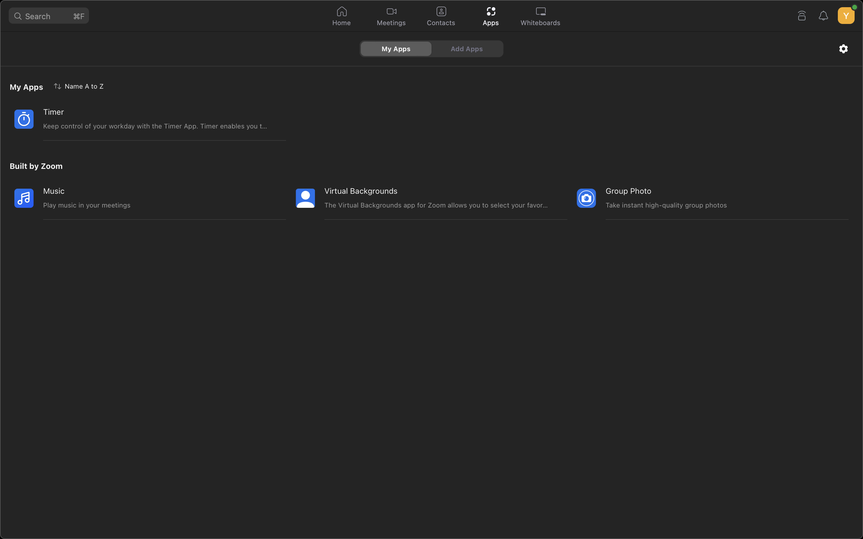 This screenshot has width=863, height=539. What do you see at coordinates (440, 16) in the screenshot?
I see `the contact details for "Indiana Jones" in the phonebook app` at bounding box center [440, 16].